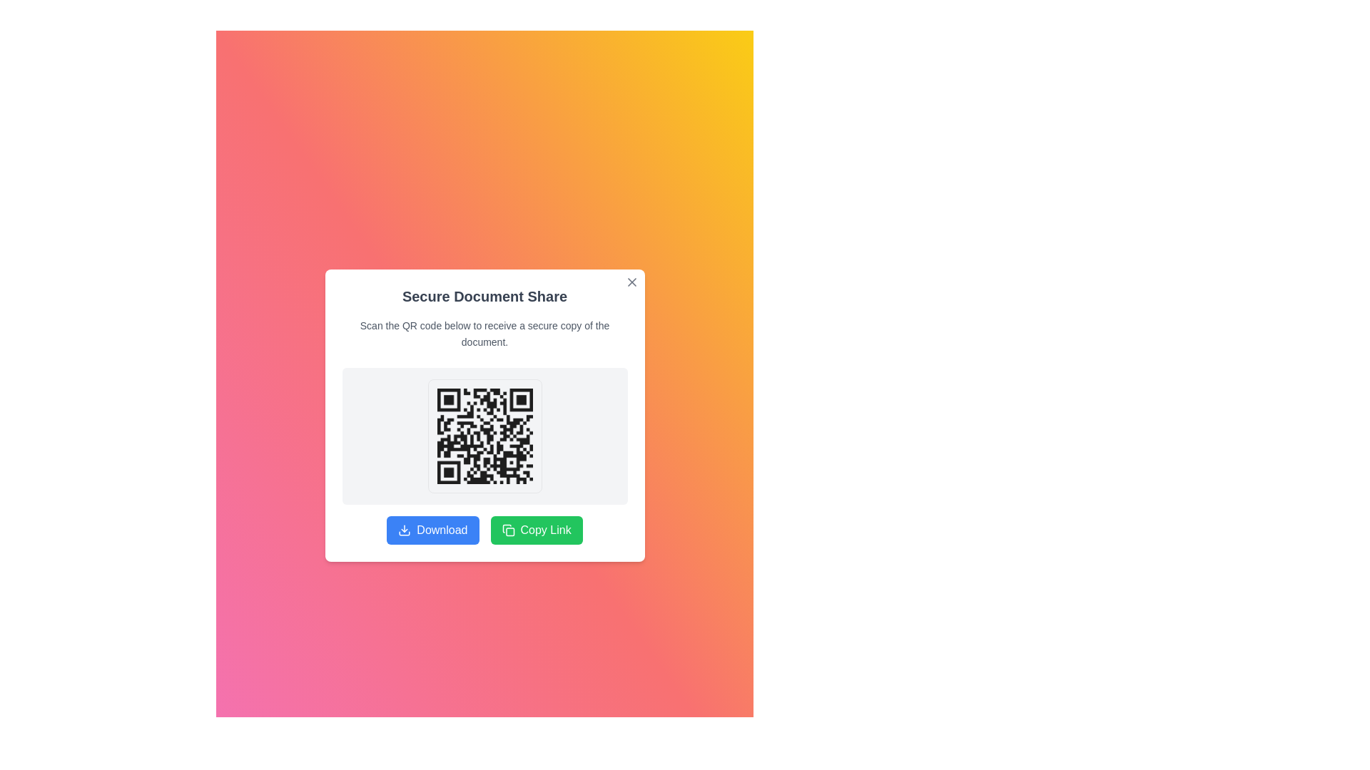 This screenshot has height=770, width=1370. What do you see at coordinates (484, 334) in the screenshot?
I see `instructional text located in the modal popup box, positioned below the title 'Secure Document Share' and above the QR code section` at bounding box center [484, 334].